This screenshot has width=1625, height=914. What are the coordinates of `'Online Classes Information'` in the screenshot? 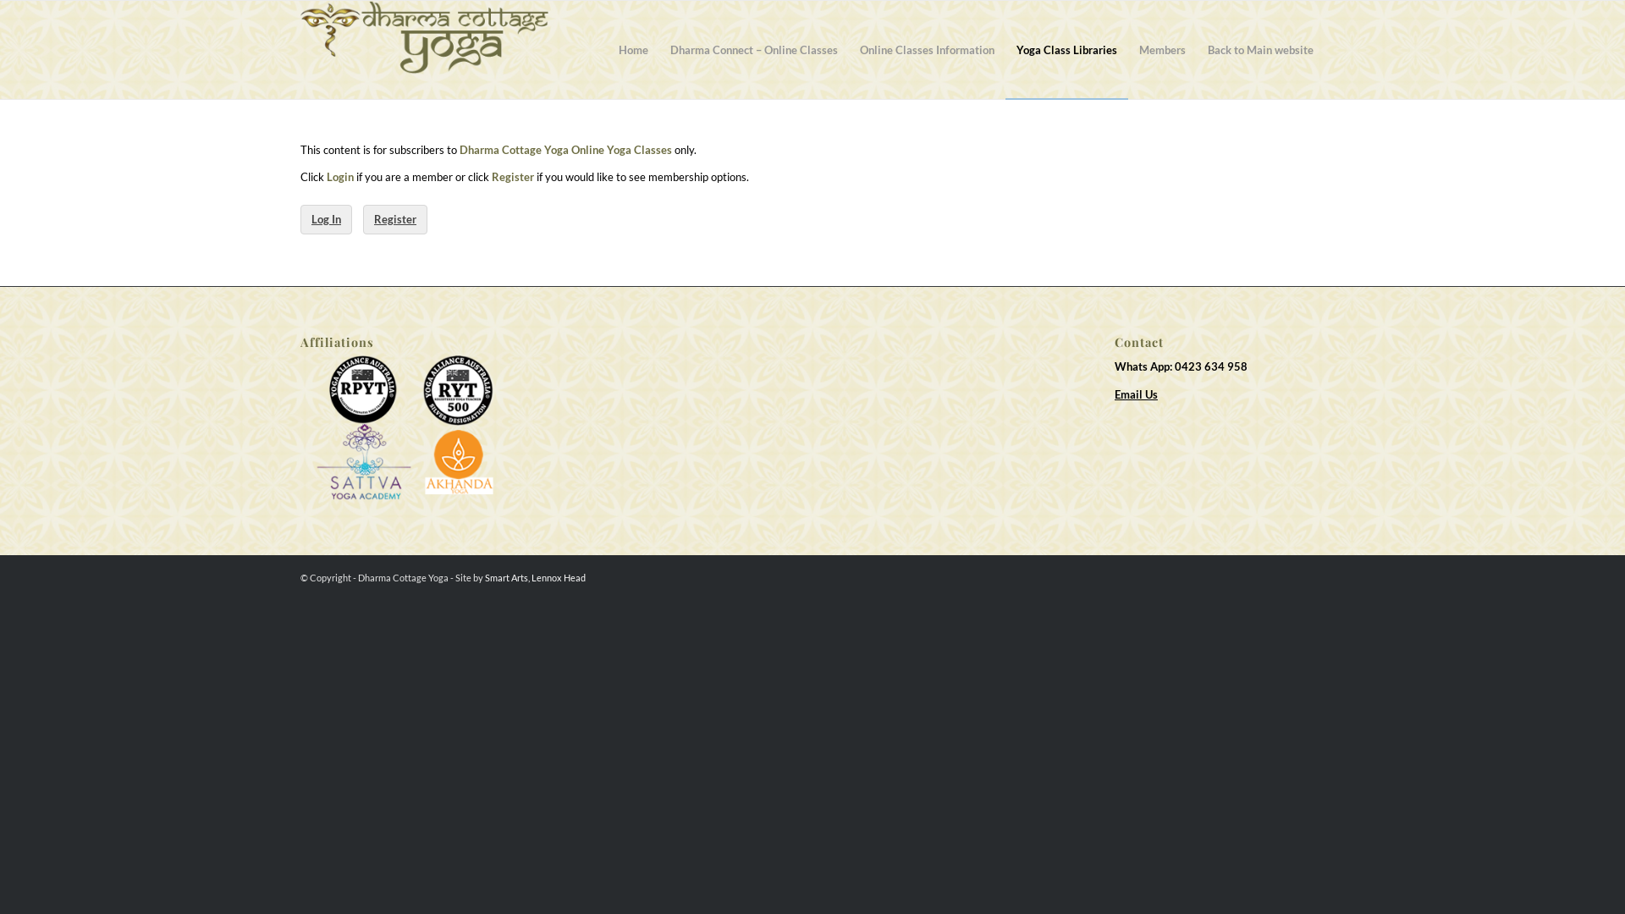 It's located at (926, 48).